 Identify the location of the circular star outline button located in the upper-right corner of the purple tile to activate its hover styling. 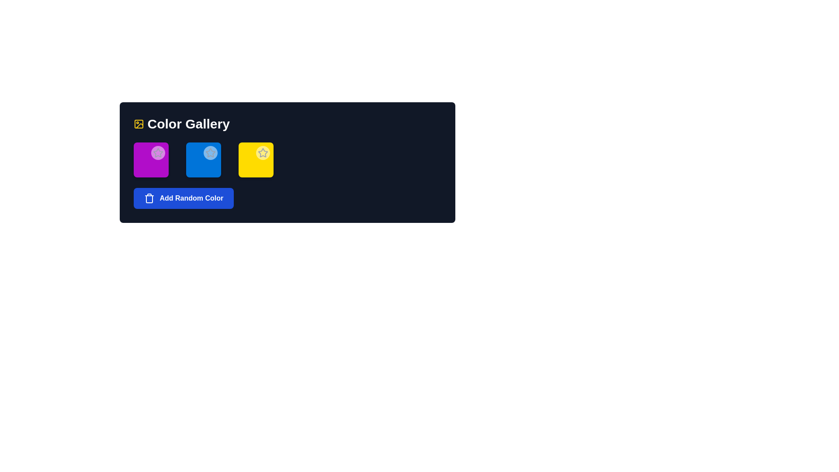
(158, 153).